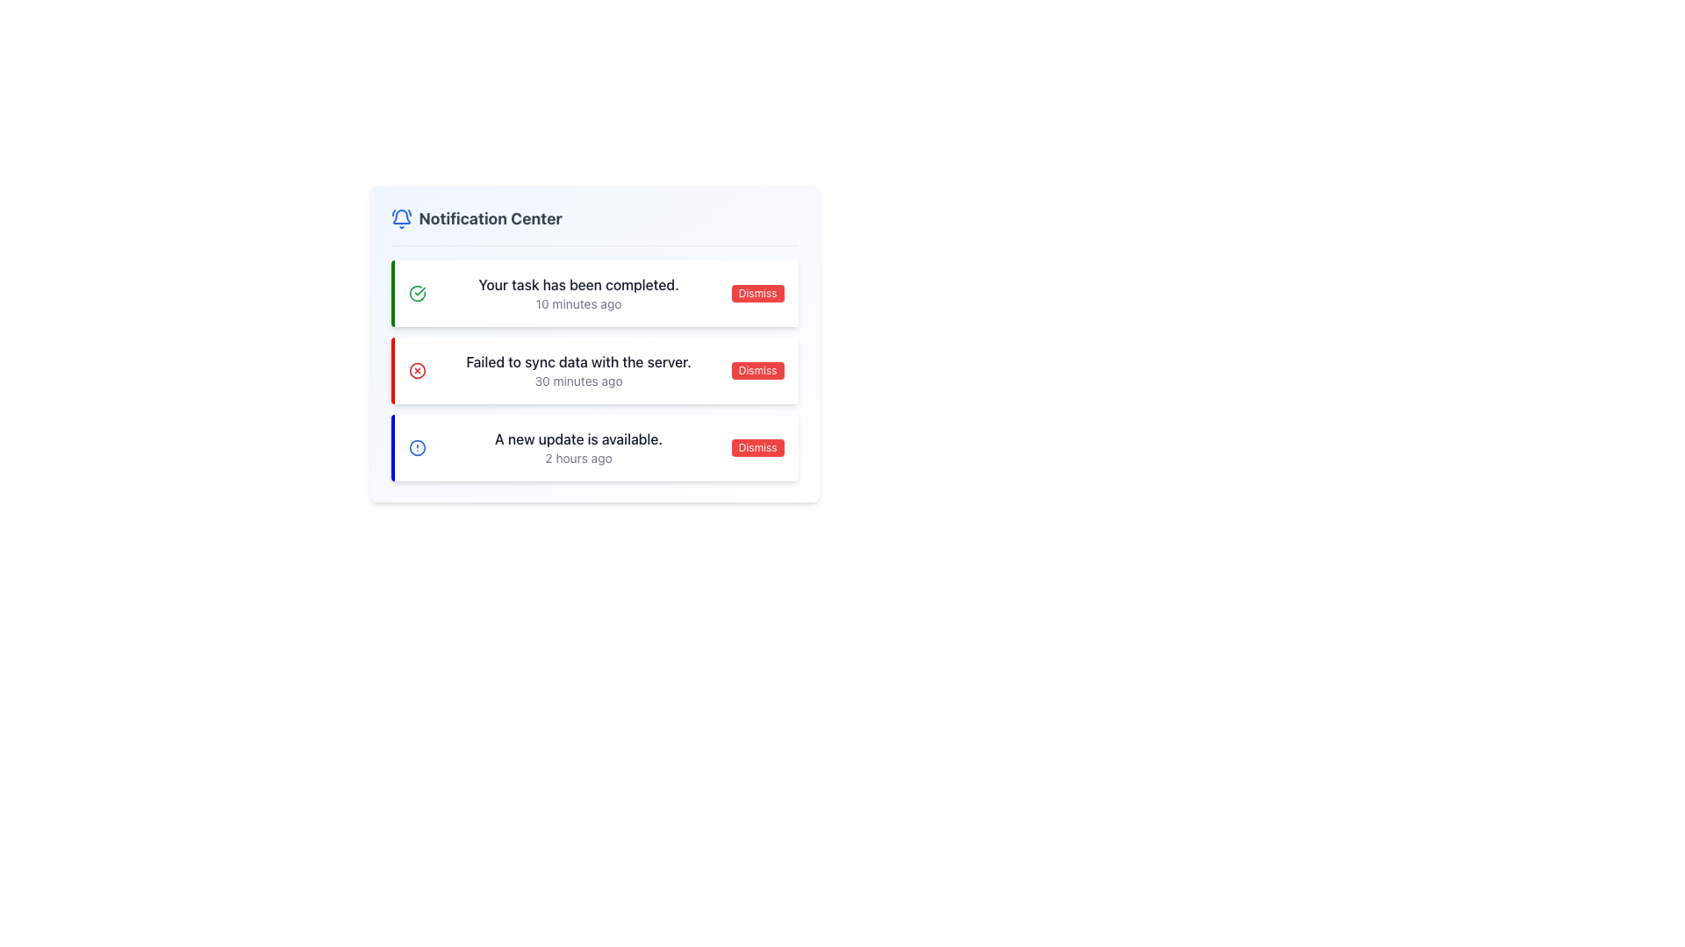 The image size is (1685, 947). What do you see at coordinates (416, 370) in the screenshot?
I see `the circular red-bordered icon with a bold 'X' symbol, indicating an error, located to the left of the text 'Failed to sync data with the server.'` at bounding box center [416, 370].